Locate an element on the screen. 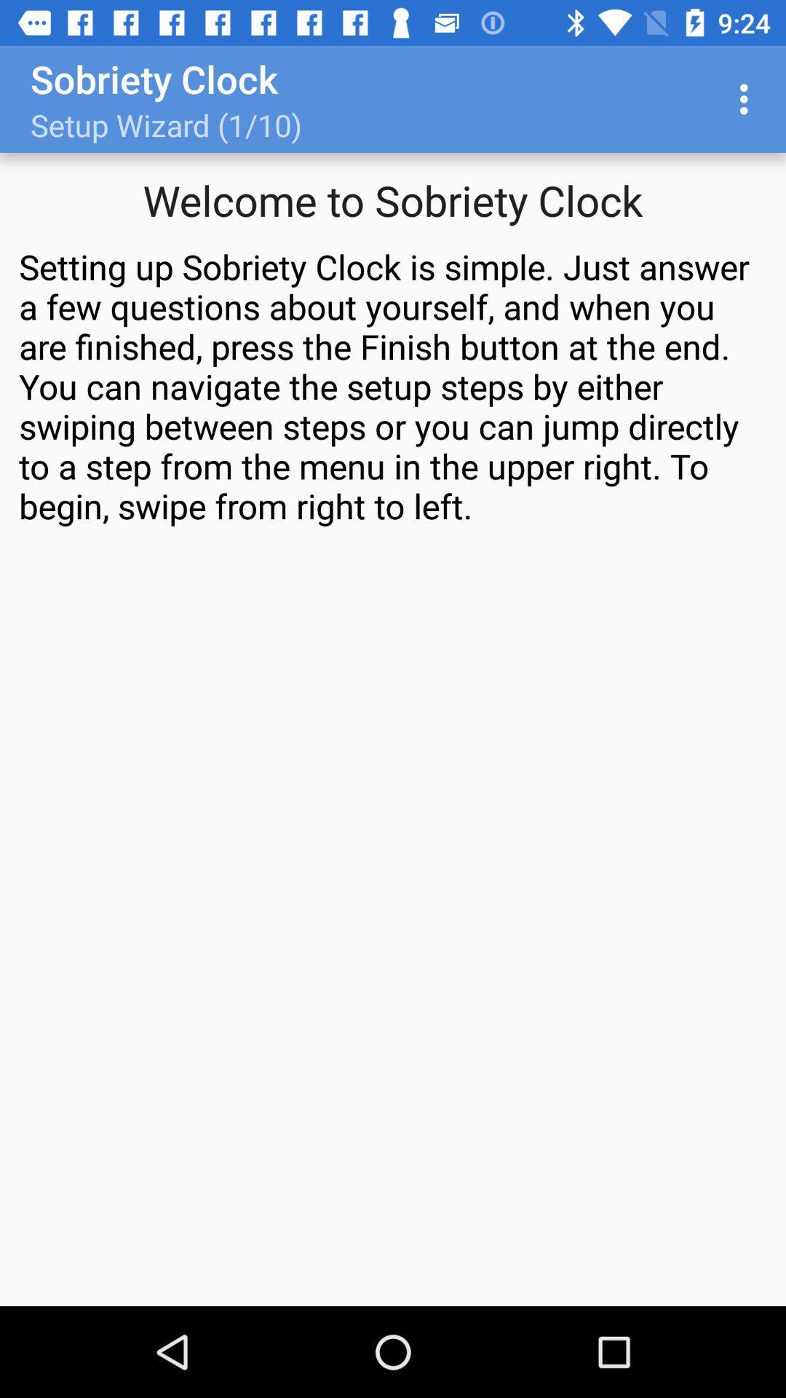 This screenshot has height=1398, width=786. the icon at the top right corner is located at coordinates (747, 98).